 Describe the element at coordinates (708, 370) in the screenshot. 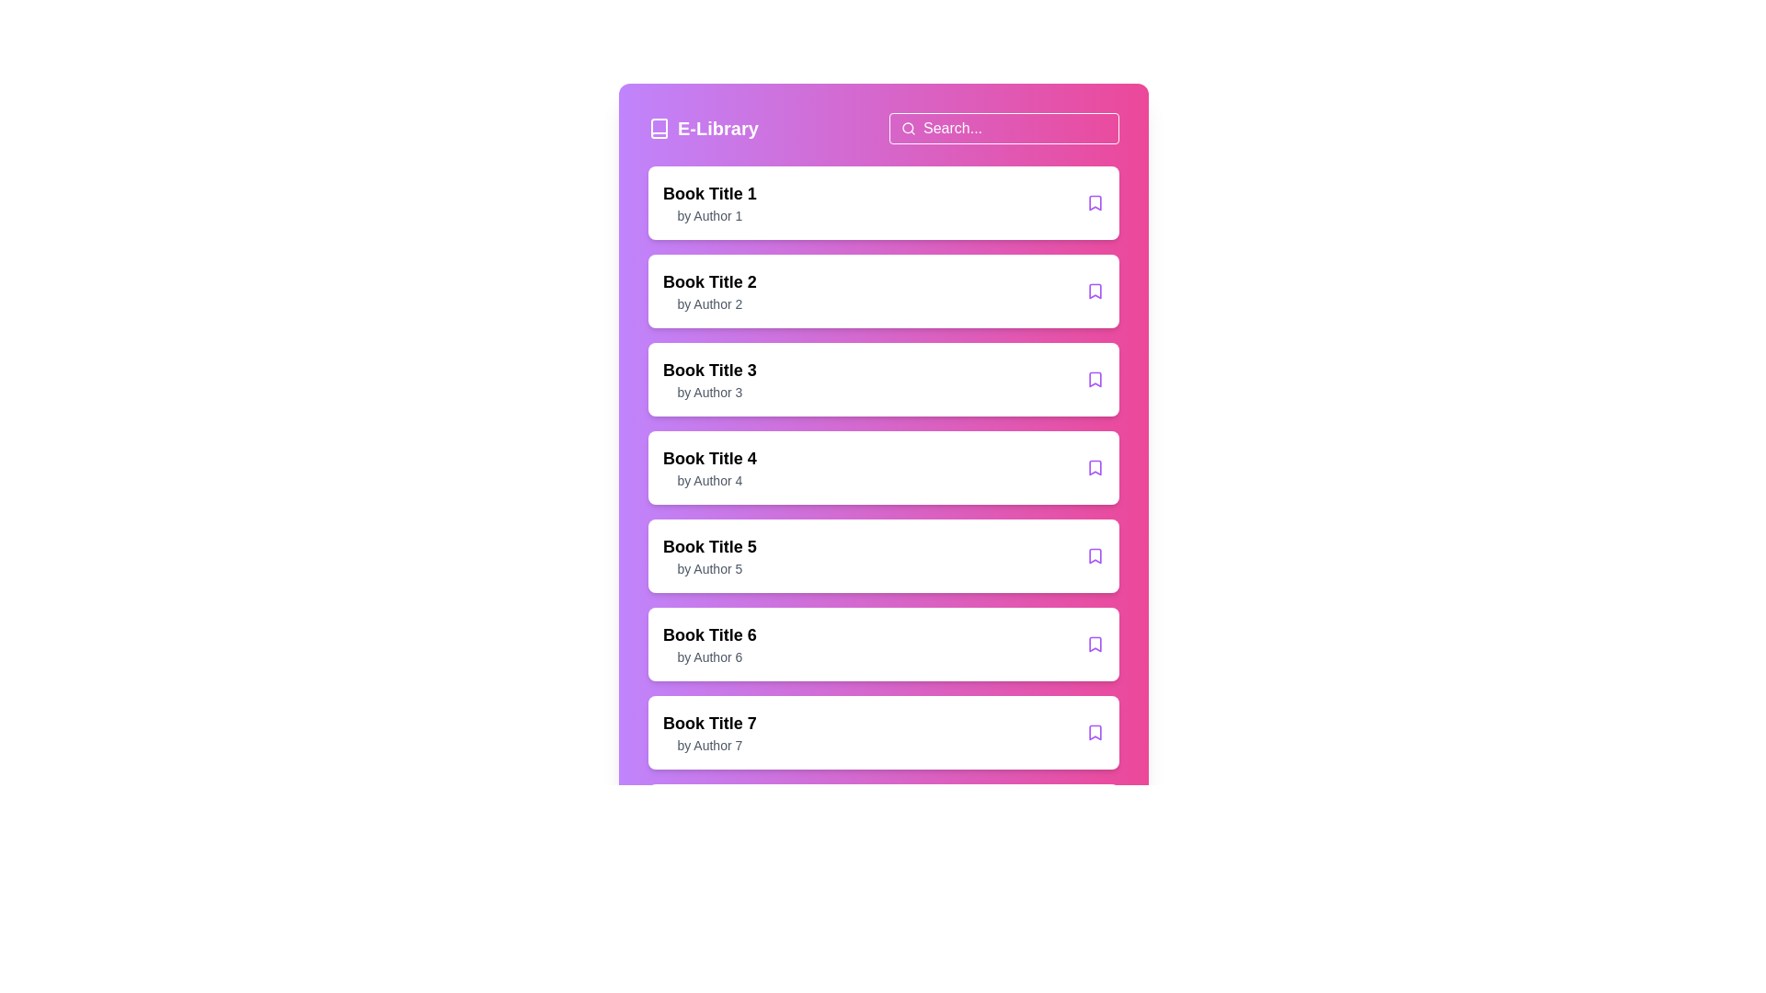

I see `the bold text label reading 'Book Title 3', which is the primary heading in the third card of a vertically stacked list of books` at that location.